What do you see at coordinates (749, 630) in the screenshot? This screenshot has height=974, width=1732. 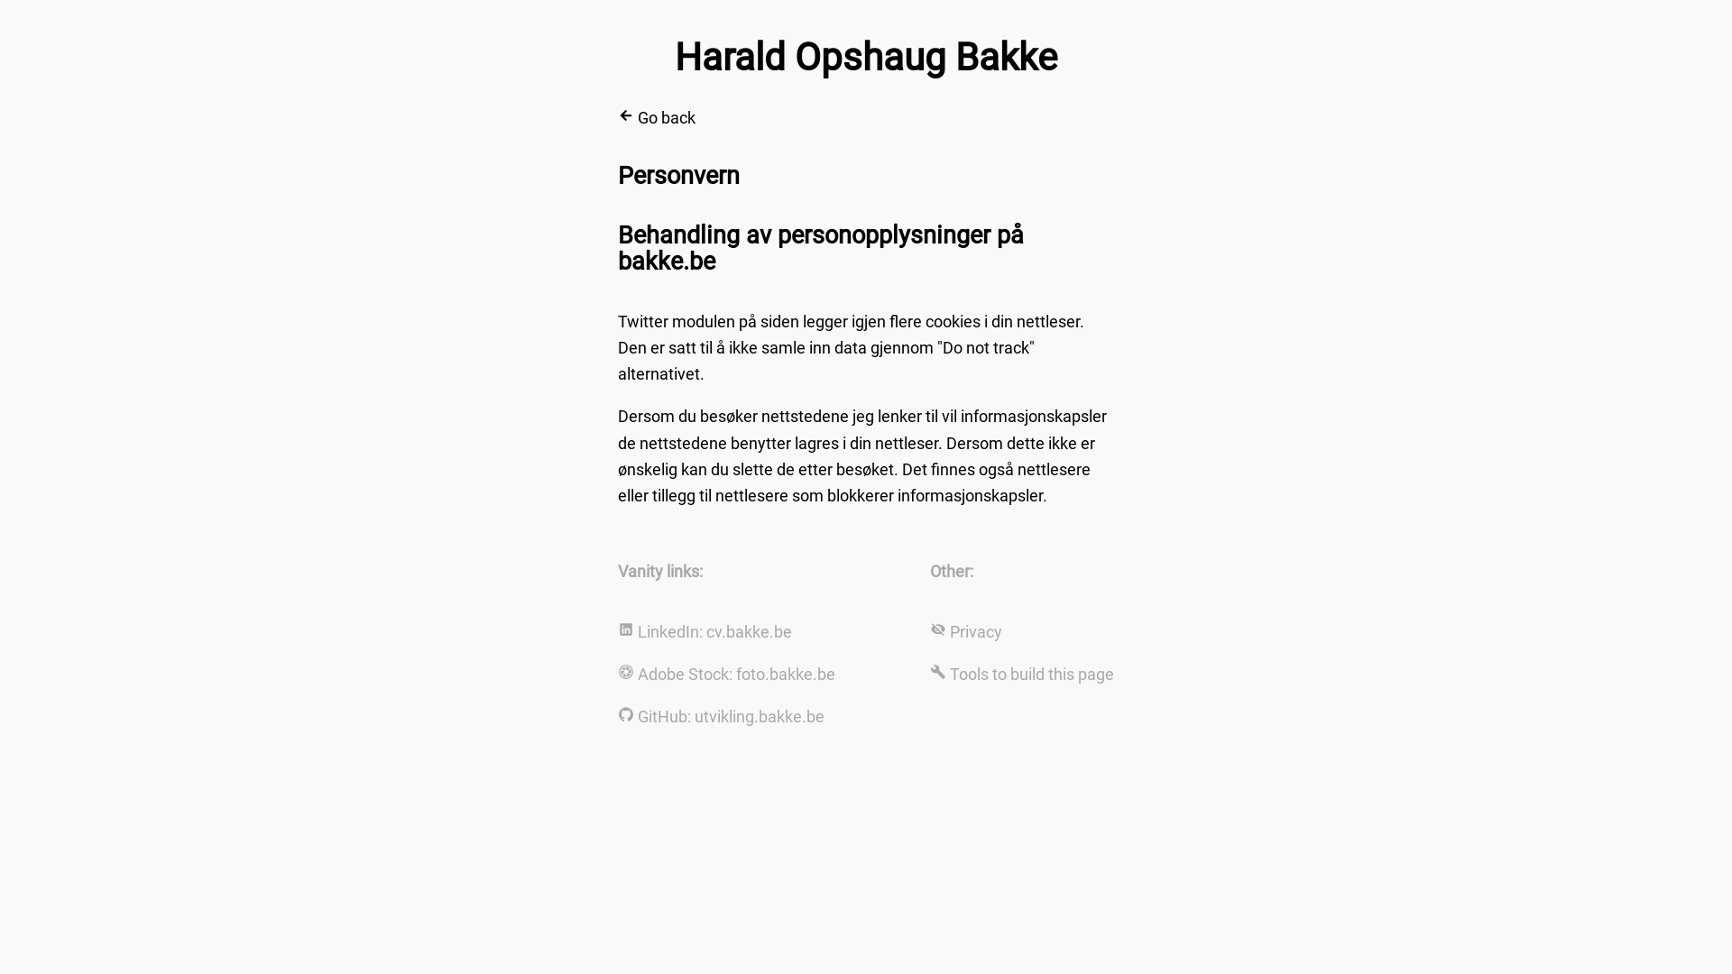 I see `'cv.bakke.be'` at bounding box center [749, 630].